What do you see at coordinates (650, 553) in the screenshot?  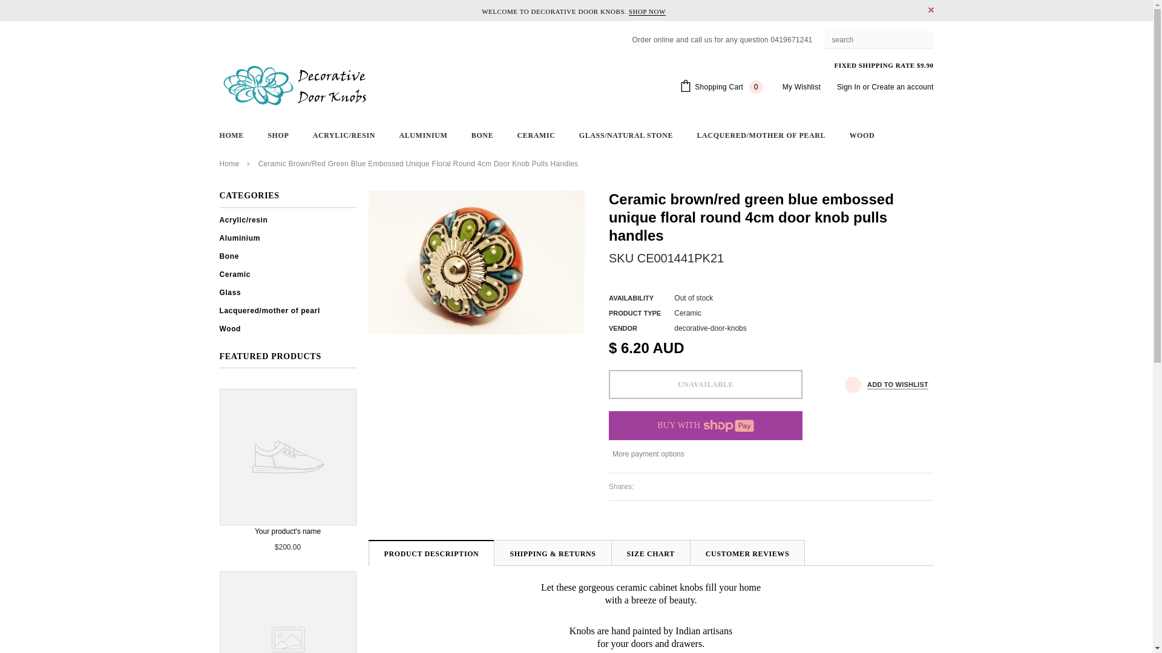 I see `'SIZE CHART'` at bounding box center [650, 553].